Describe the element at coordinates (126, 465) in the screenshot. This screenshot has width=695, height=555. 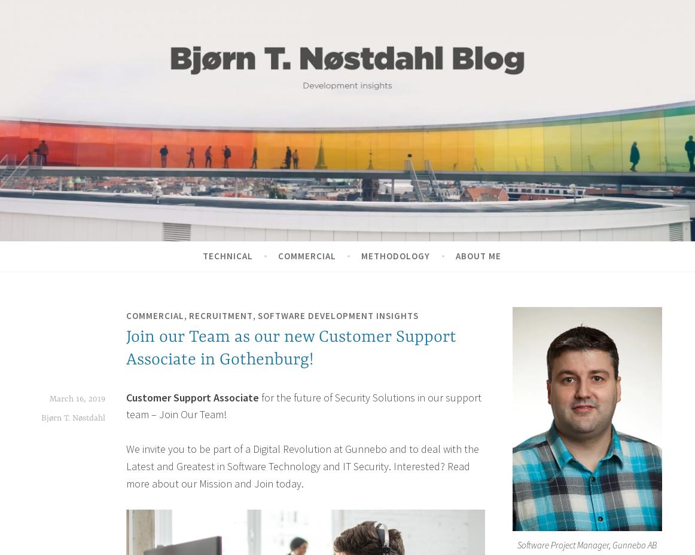
I see `'We invite you to be part of a Digital Revolution at Gunnebo and to deal with the Latest and Greatest in Software Technology and IT Security. Interested? Read more about our Mission and Join today.'` at that location.